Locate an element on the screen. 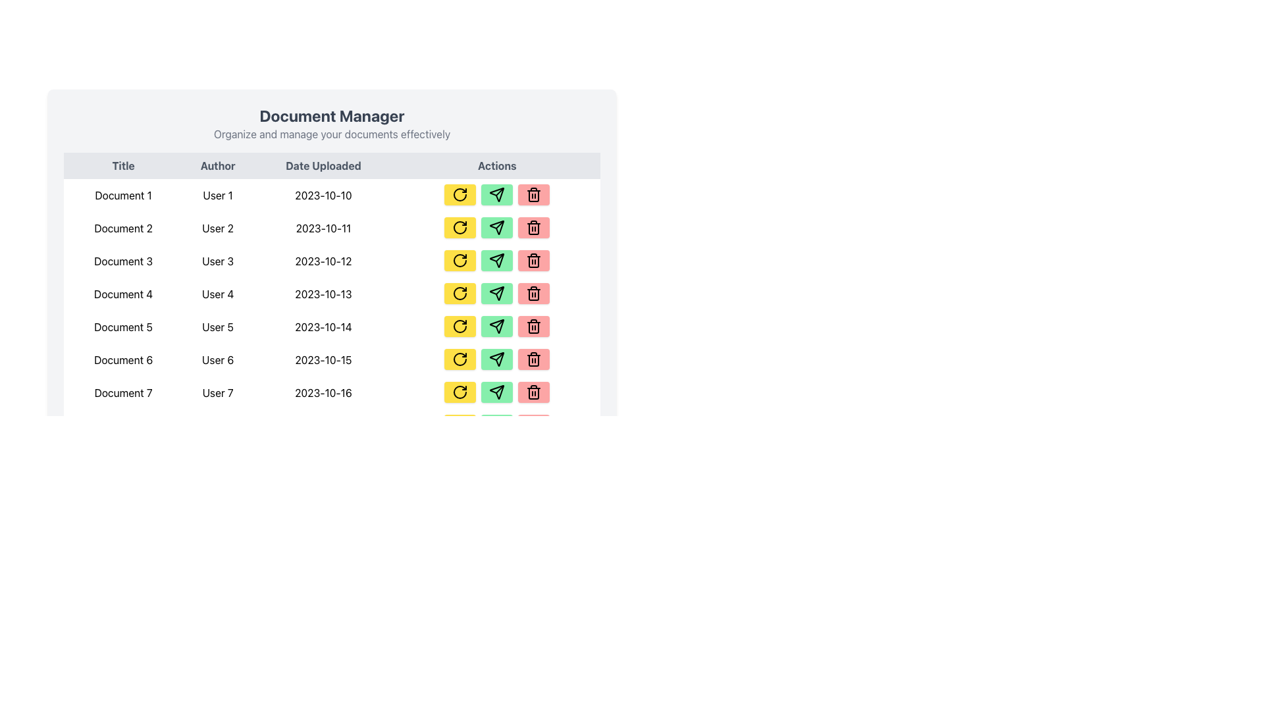 Image resolution: width=1264 pixels, height=711 pixels. the yellow button with a black circular arrow icon in the 'Actions' column of the second row is located at coordinates (460, 227).